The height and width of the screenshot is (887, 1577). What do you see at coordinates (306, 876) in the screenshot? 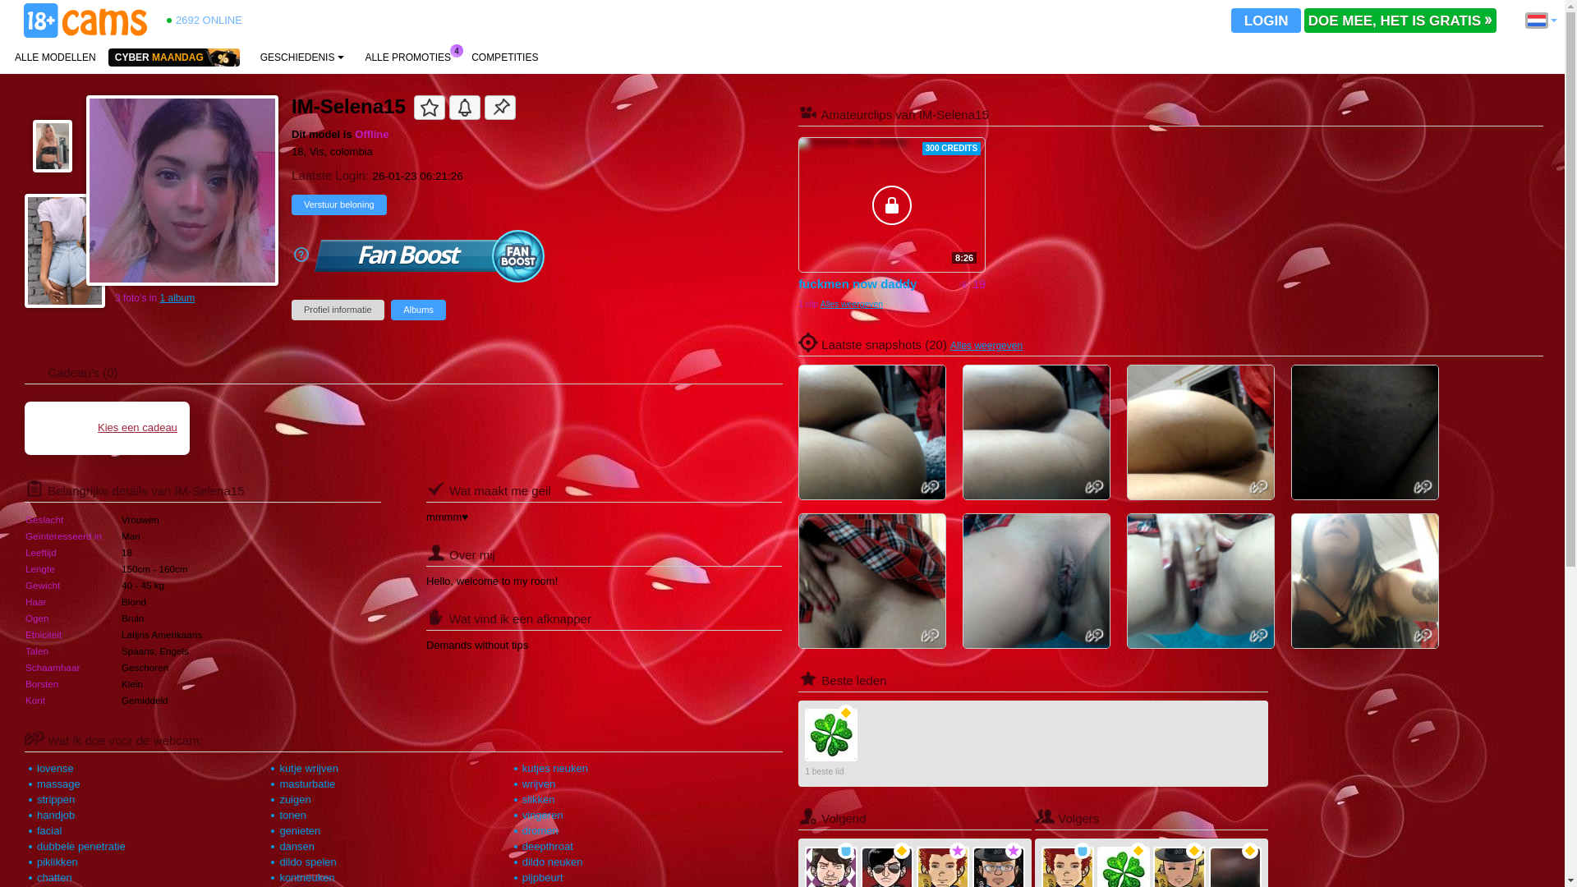
I see `'kontneuken'` at bounding box center [306, 876].